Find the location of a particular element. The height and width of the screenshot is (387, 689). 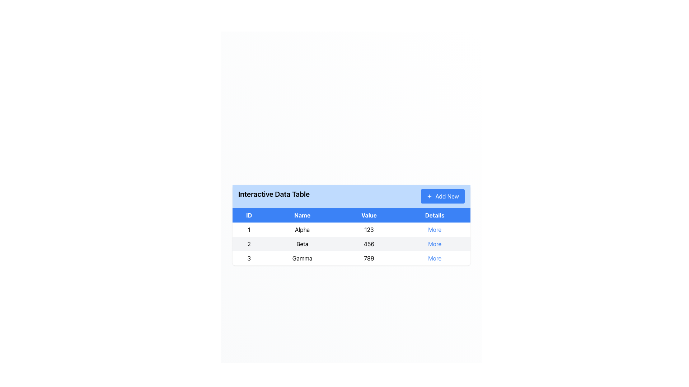

the clickable text link in the Details column of the data table for the 'Alpha' entry is located at coordinates (434, 229).